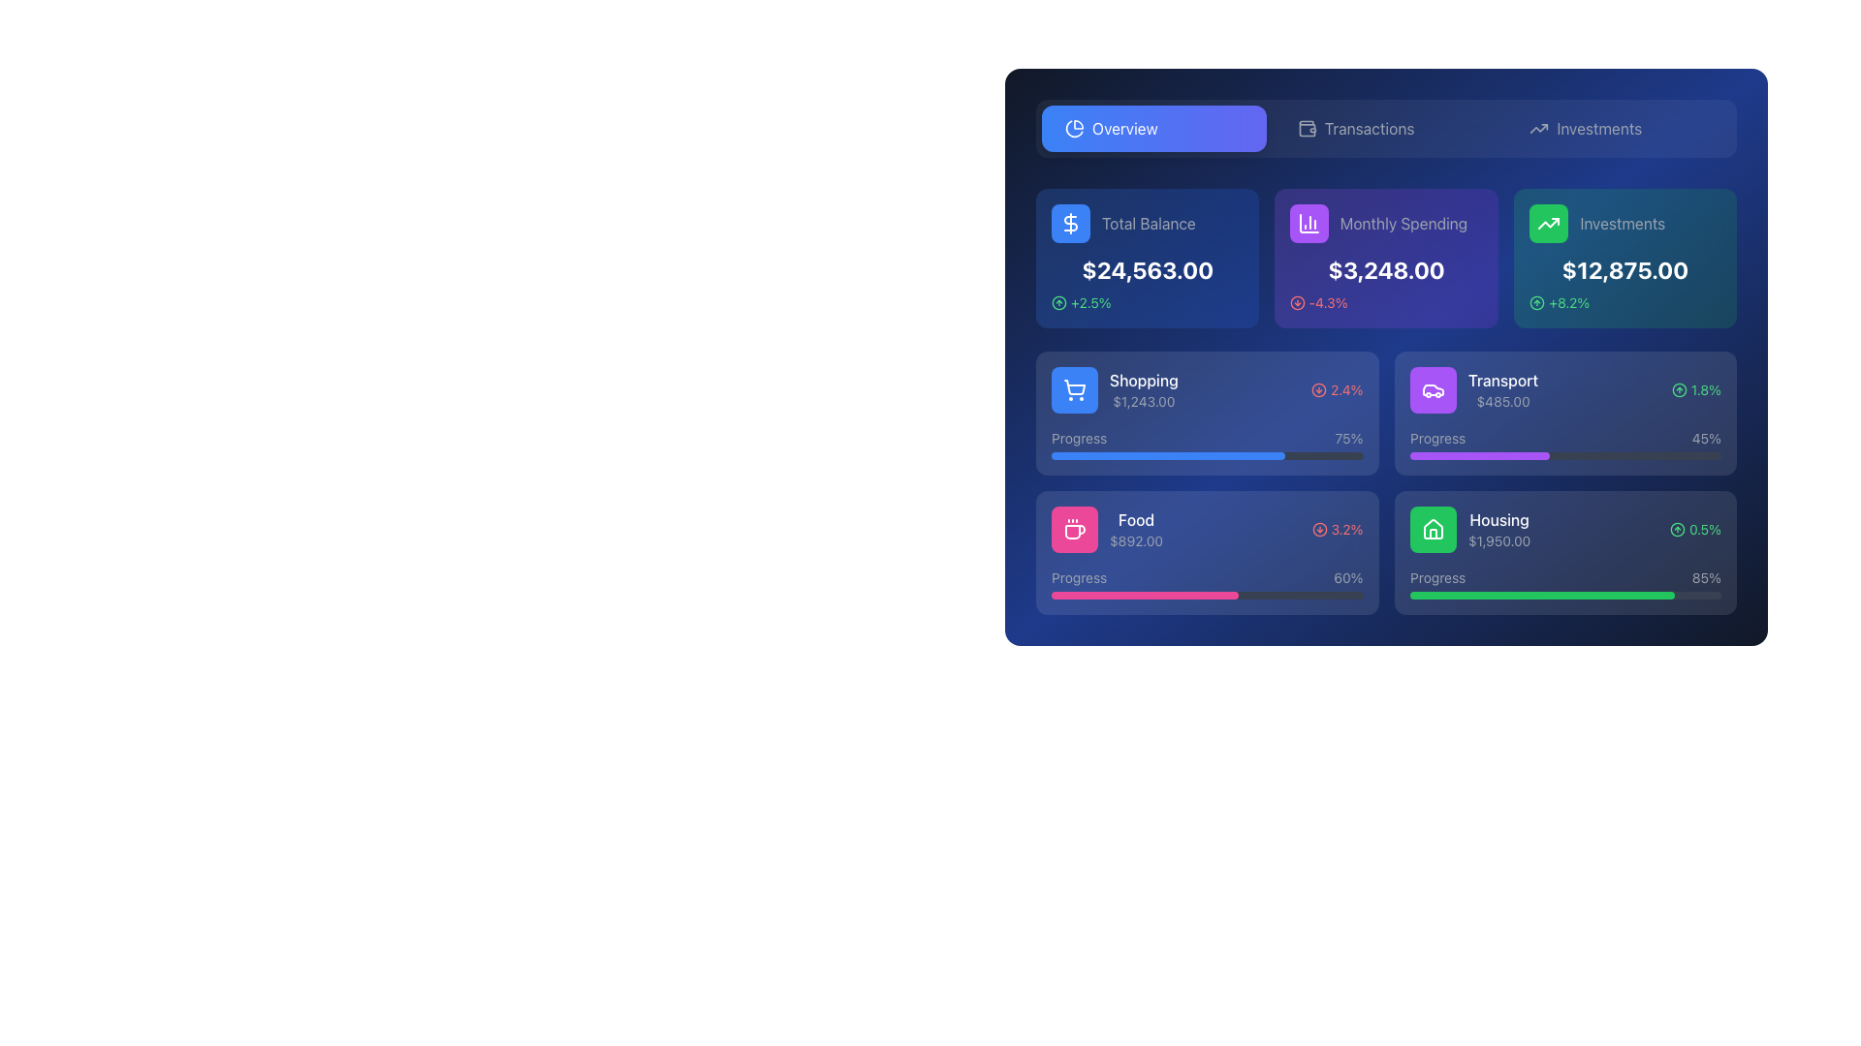 The width and height of the screenshot is (1861, 1046). Describe the element at coordinates (1622, 223) in the screenshot. I see `text label indicating 'Investments' located in the upper-right section of the interface, within a card associated with a monetary amount` at that location.